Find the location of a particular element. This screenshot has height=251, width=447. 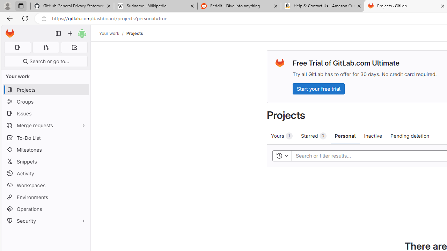

'Suriname - Wikipedia' is located at coordinates (155, 6).